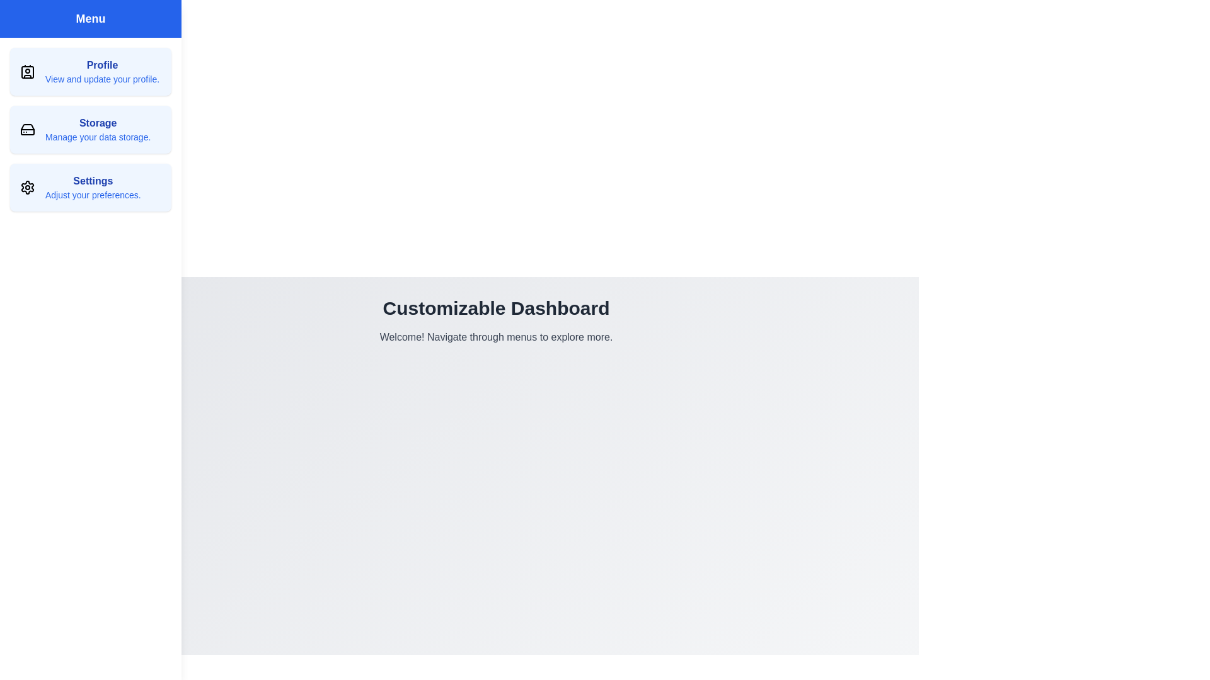 Image resolution: width=1210 pixels, height=680 pixels. I want to click on the header text 'Customizable Dashboard', so click(495, 308).